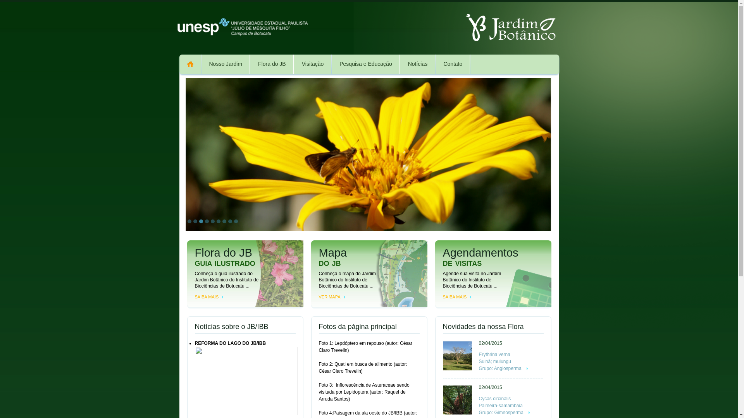  What do you see at coordinates (332, 296) in the screenshot?
I see `'VER MAPA'` at bounding box center [332, 296].